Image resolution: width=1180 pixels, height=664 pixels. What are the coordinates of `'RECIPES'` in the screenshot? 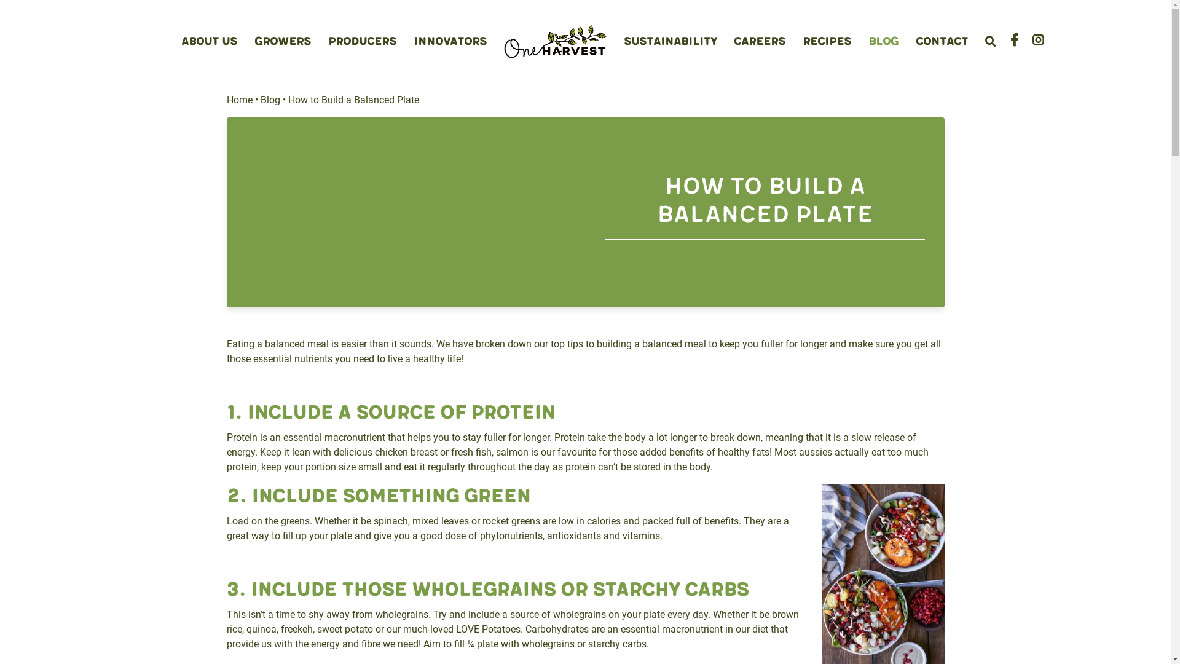 It's located at (827, 41).